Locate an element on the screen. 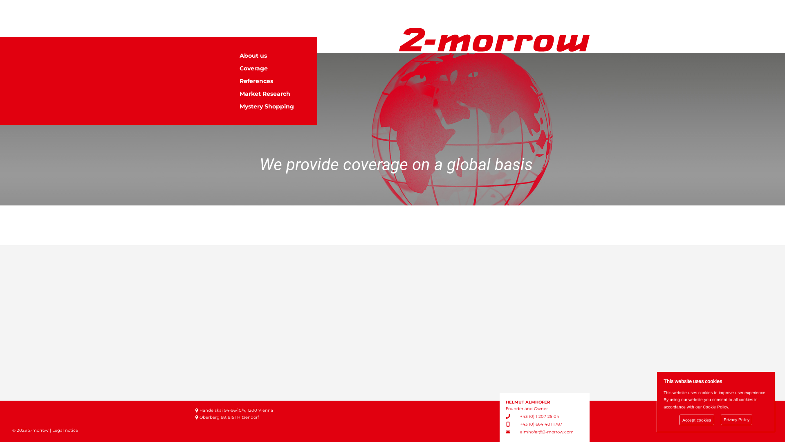 The image size is (785, 442). 'almhofer@2-morrow.com' is located at coordinates (547, 431).